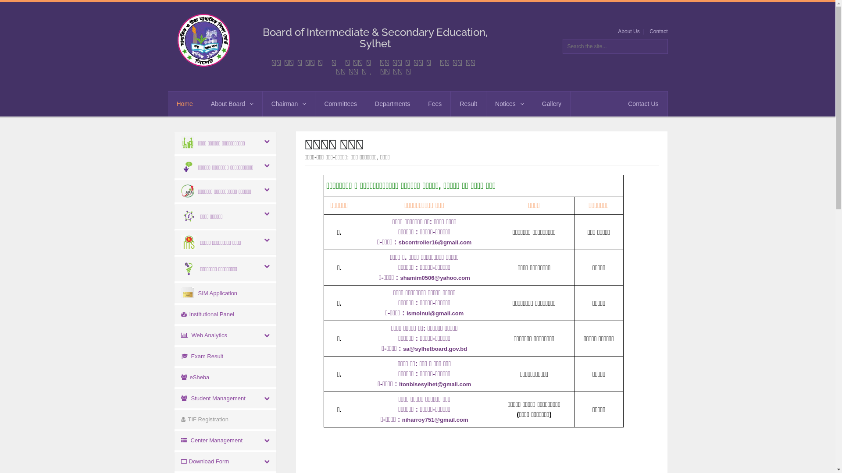 This screenshot has width=842, height=473. What do you see at coordinates (204, 461) in the screenshot?
I see `'  Download Form'` at bounding box center [204, 461].